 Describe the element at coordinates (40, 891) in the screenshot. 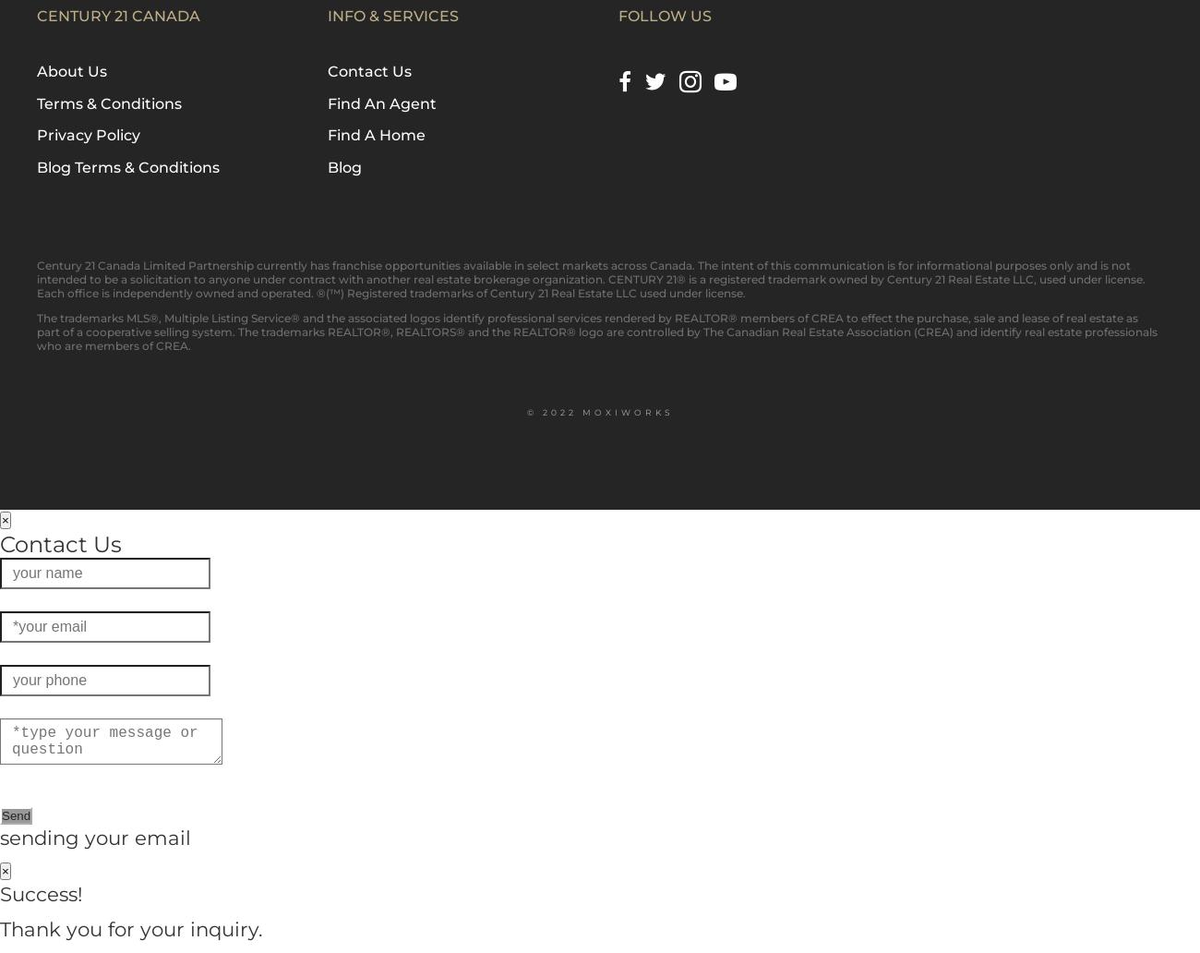

I see `'Success!'` at that location.